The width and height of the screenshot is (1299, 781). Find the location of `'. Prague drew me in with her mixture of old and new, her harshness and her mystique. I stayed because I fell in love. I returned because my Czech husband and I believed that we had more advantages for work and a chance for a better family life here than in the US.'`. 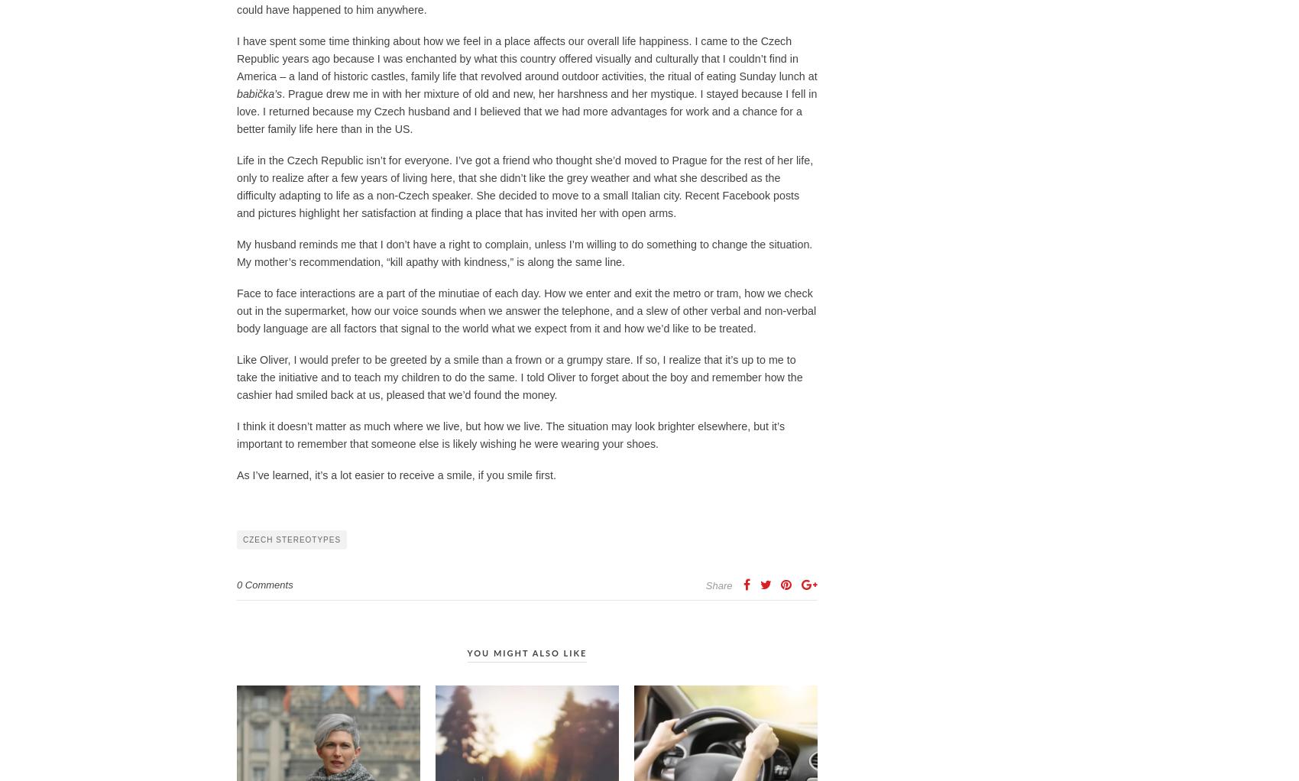

'. Prague drew me in with her mixture of old and new, her harshness and her mystique. I stayed because I fell in love. I returned because my Czech husband and I believed that we had more advantages for work and a chance for a better family life here than in the US.' is located at coordinates (526, 111).